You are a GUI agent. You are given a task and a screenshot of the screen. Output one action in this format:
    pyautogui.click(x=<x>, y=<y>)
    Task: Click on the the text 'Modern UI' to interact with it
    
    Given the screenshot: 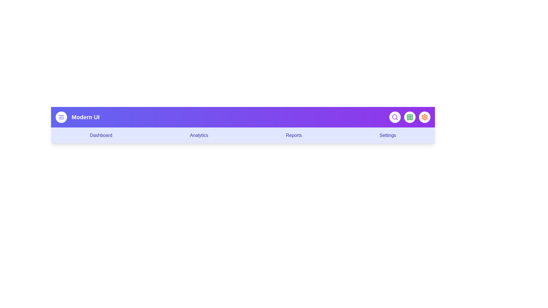 What is the action you would take?
    pyautogui.click(x=85, y=117)
    